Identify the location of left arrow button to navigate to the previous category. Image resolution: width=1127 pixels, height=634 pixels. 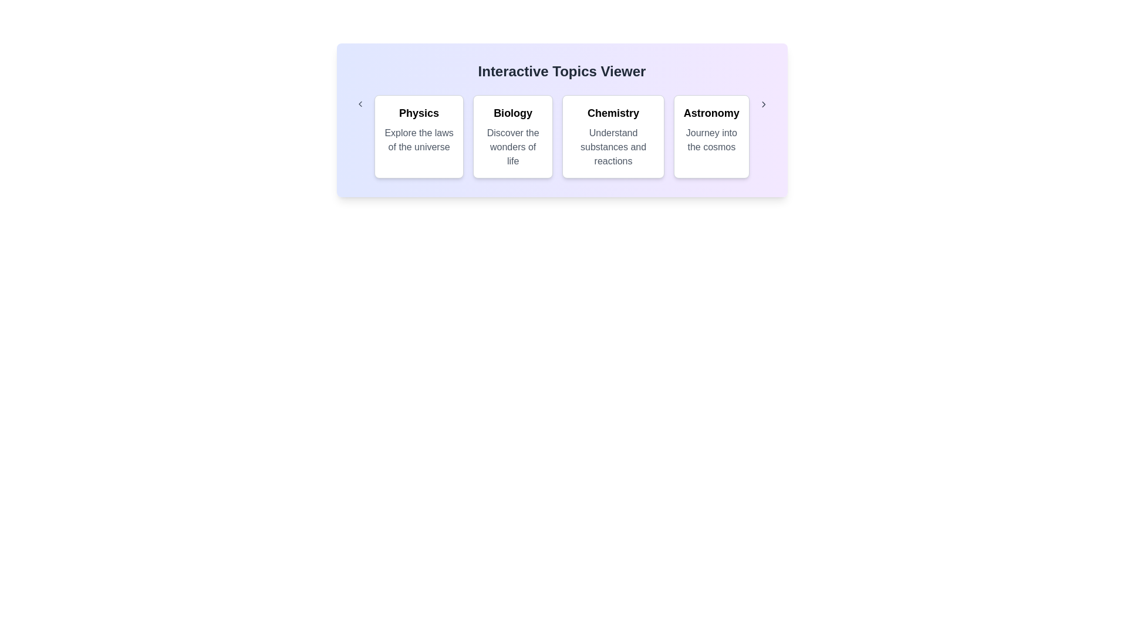
(359, 103).